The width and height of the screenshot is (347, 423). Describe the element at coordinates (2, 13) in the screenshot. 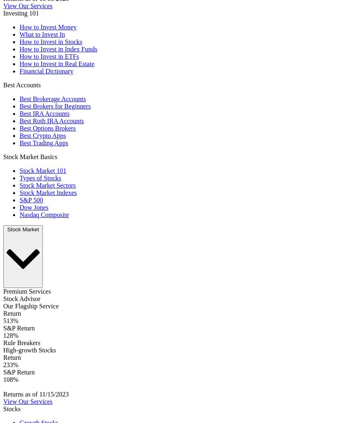

I see `'Investing 101'` at that location.